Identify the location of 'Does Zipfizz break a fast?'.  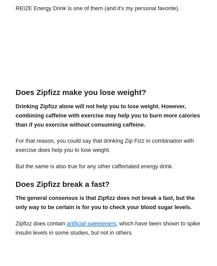
(16, 184).